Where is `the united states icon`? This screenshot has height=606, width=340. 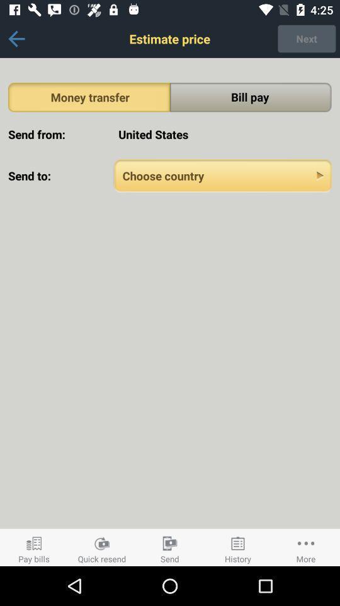
the united states icon is located at coordinates (222, 134).